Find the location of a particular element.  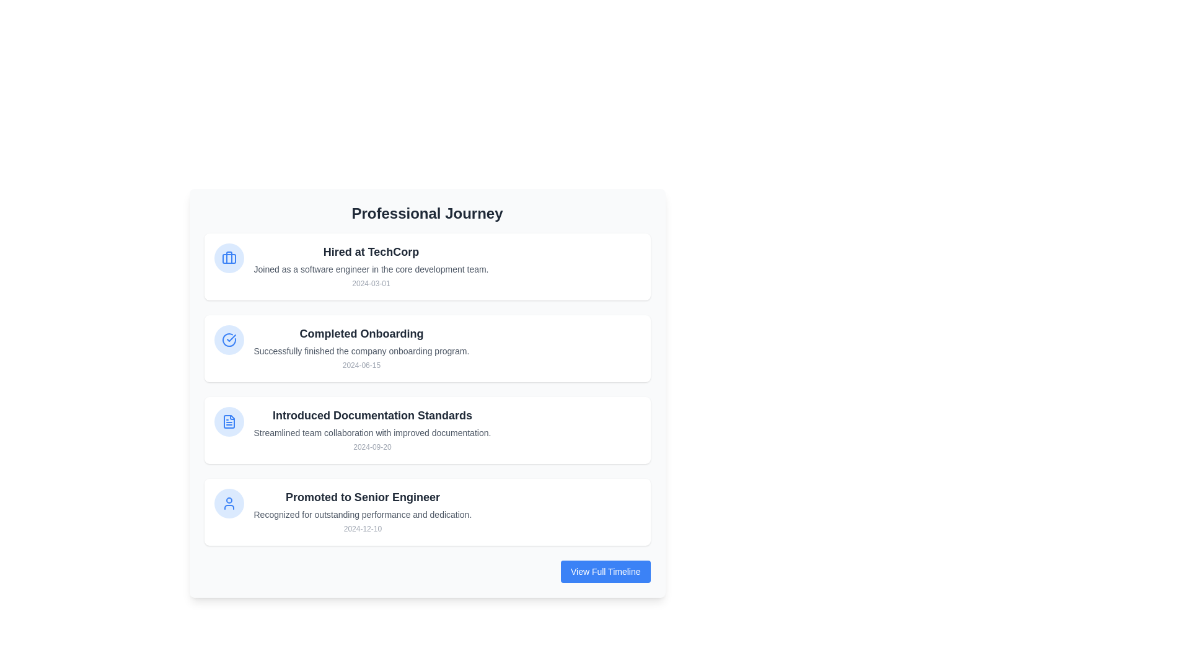

the call-to-action button located at the bottom-right corner of the 'Professional Journey' section is located at coordinates (606, 571).